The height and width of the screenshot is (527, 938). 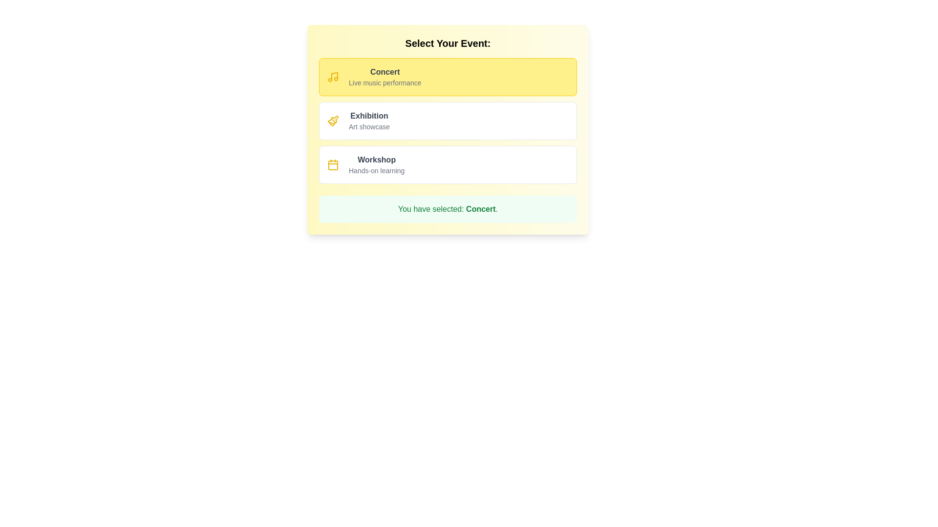 What do you see at coordinates (384, 82) in the screenshot?
I see `the text element that provides additional description about the 'Concert' option, located directly beneath the 'Concert' label within a yellow-highlighted selection box` at bounding box center [384, 82].